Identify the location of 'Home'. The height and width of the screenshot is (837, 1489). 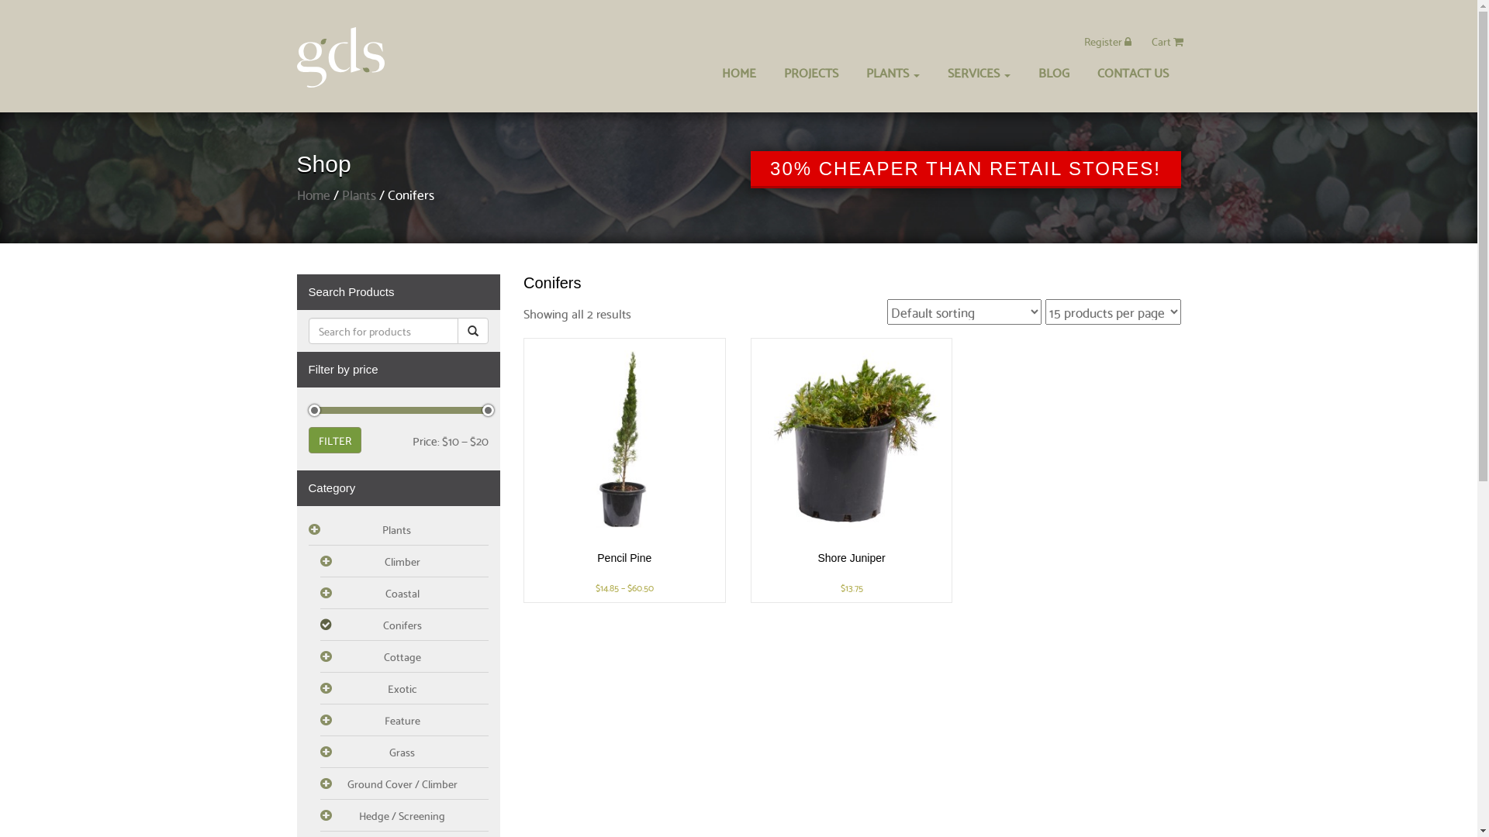
(312, 193).